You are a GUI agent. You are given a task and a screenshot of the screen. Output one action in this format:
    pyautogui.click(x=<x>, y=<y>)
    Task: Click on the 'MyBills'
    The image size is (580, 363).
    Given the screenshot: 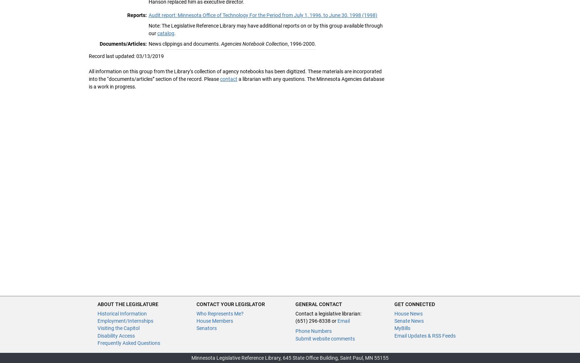 What is the action you would take?
    pyautogui.click(x=402, y=328)
    